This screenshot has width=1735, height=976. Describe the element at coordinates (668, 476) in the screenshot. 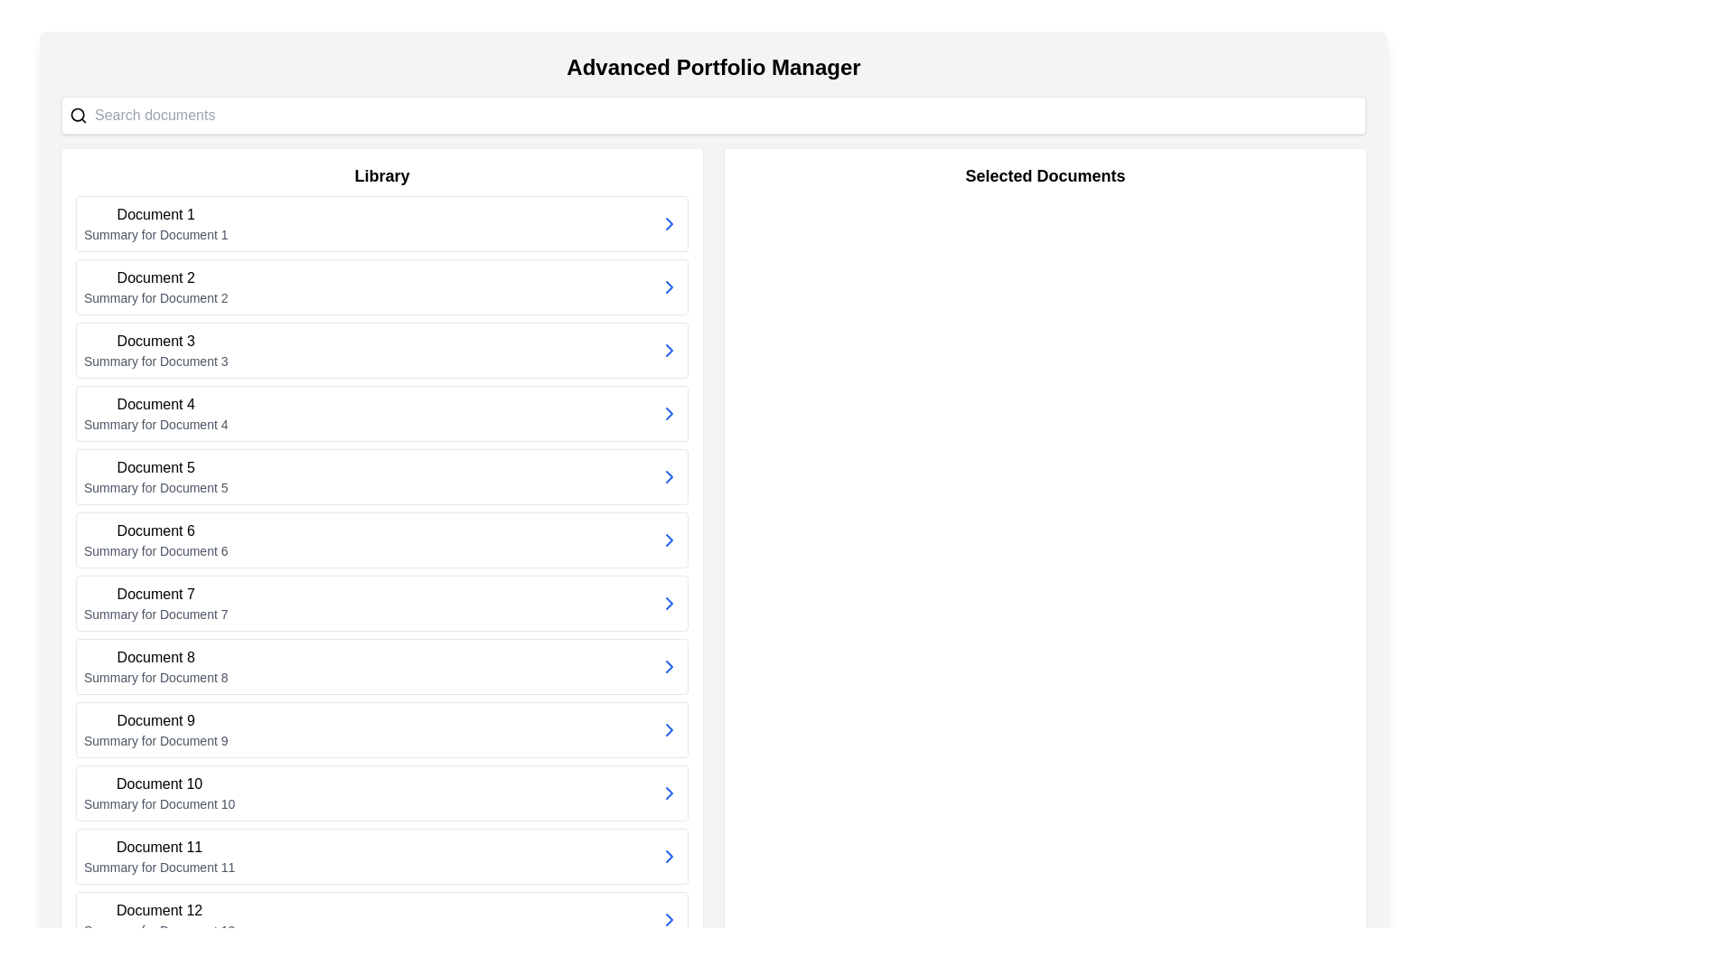

I see `the arrow button located on the far-right margin of the fifth item in the scrolling list under the 'Library' section` at that location.